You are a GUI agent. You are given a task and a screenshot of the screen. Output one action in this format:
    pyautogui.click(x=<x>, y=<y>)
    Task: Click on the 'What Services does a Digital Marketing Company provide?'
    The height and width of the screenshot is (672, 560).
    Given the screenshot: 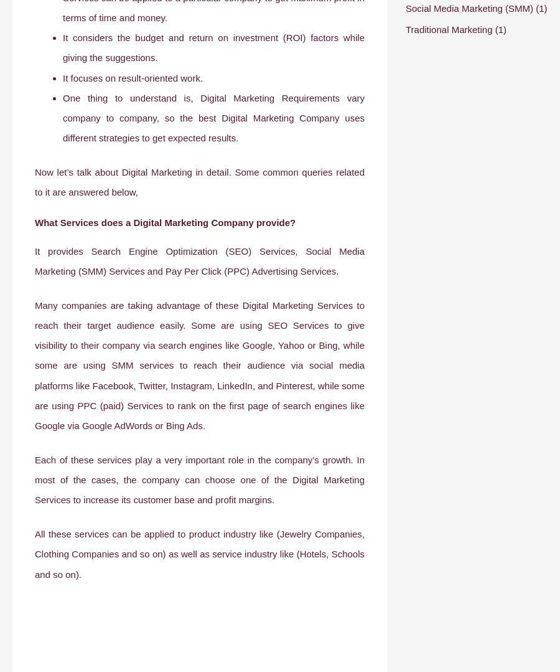 What is the action you would take?
    pyautogui.click(x=164, y=222)
    